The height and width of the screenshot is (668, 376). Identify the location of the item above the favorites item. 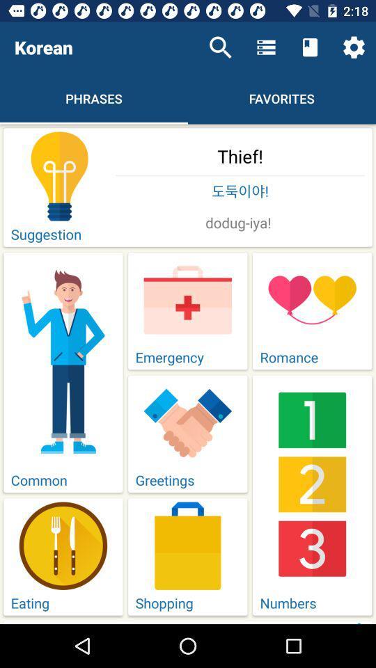
(310, 47).